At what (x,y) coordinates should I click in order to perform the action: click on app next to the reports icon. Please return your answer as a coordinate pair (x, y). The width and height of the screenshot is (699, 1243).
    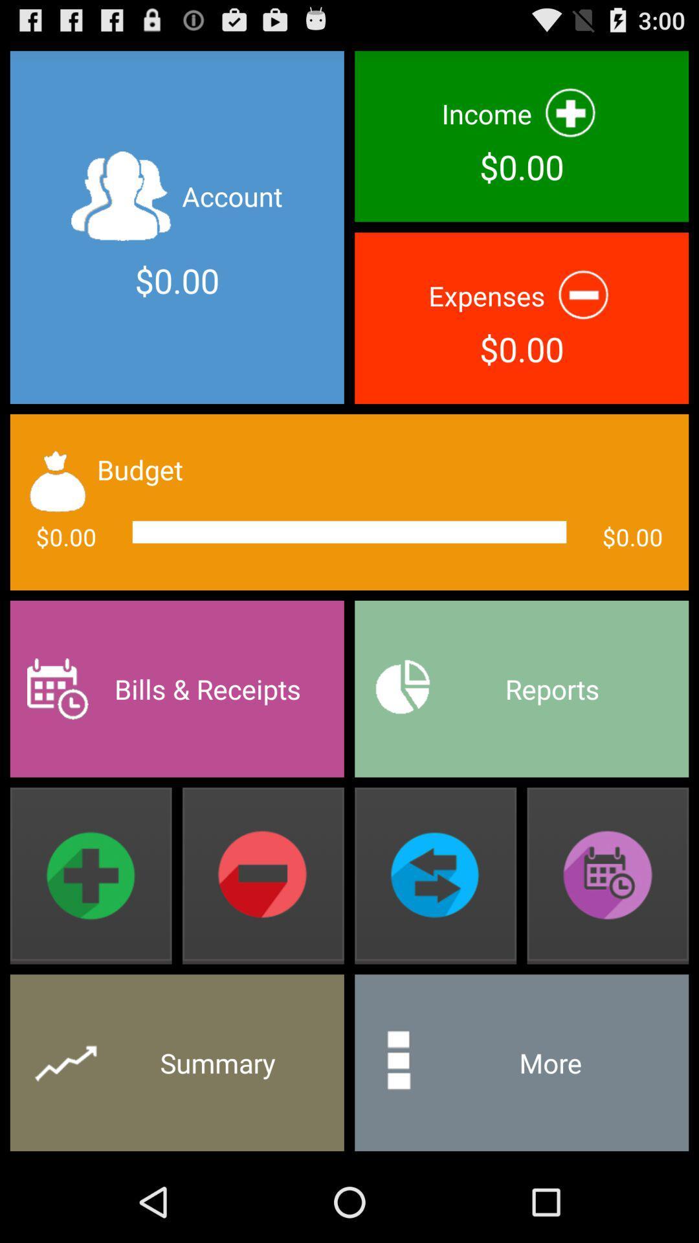
    Looking at the image, I should click on (177, 688).